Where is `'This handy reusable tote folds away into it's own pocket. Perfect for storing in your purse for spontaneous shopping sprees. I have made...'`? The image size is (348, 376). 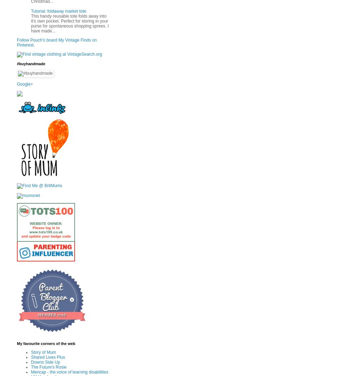
'This handy reusable tote folds away into it's own pocket. Perfect for storing in your purse for spontaneous shopping sprees. I have made...' is located at coordinates (69, 23).